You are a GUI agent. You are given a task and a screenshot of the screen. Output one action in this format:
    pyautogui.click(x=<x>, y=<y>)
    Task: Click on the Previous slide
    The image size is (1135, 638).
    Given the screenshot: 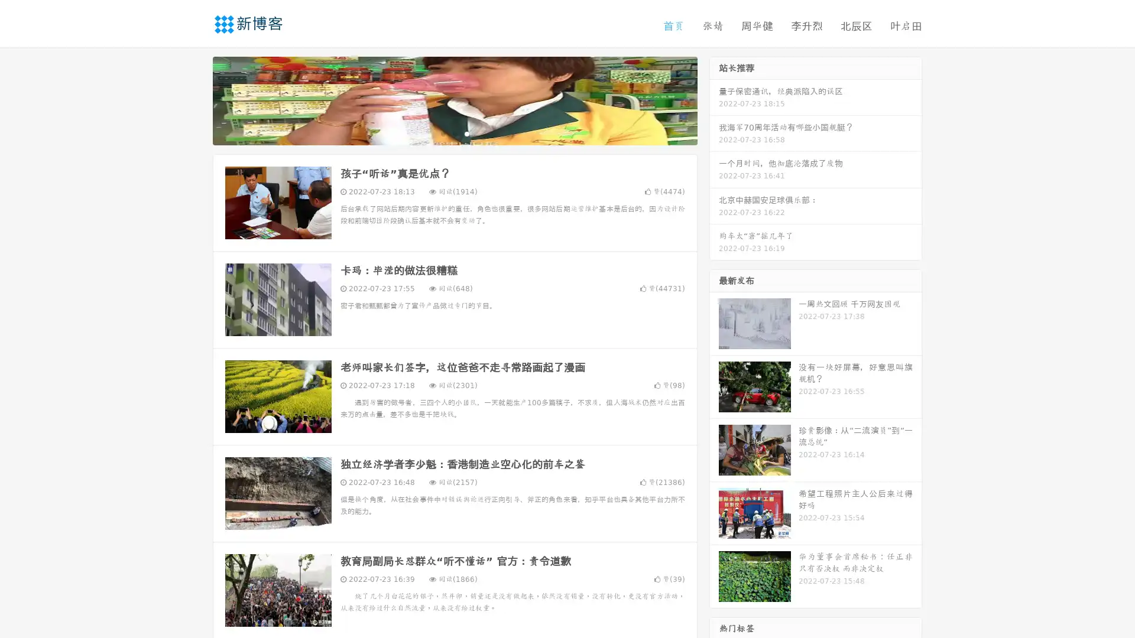 What is the action you would take?
    pyautogui.click(x=195, y=99)
    